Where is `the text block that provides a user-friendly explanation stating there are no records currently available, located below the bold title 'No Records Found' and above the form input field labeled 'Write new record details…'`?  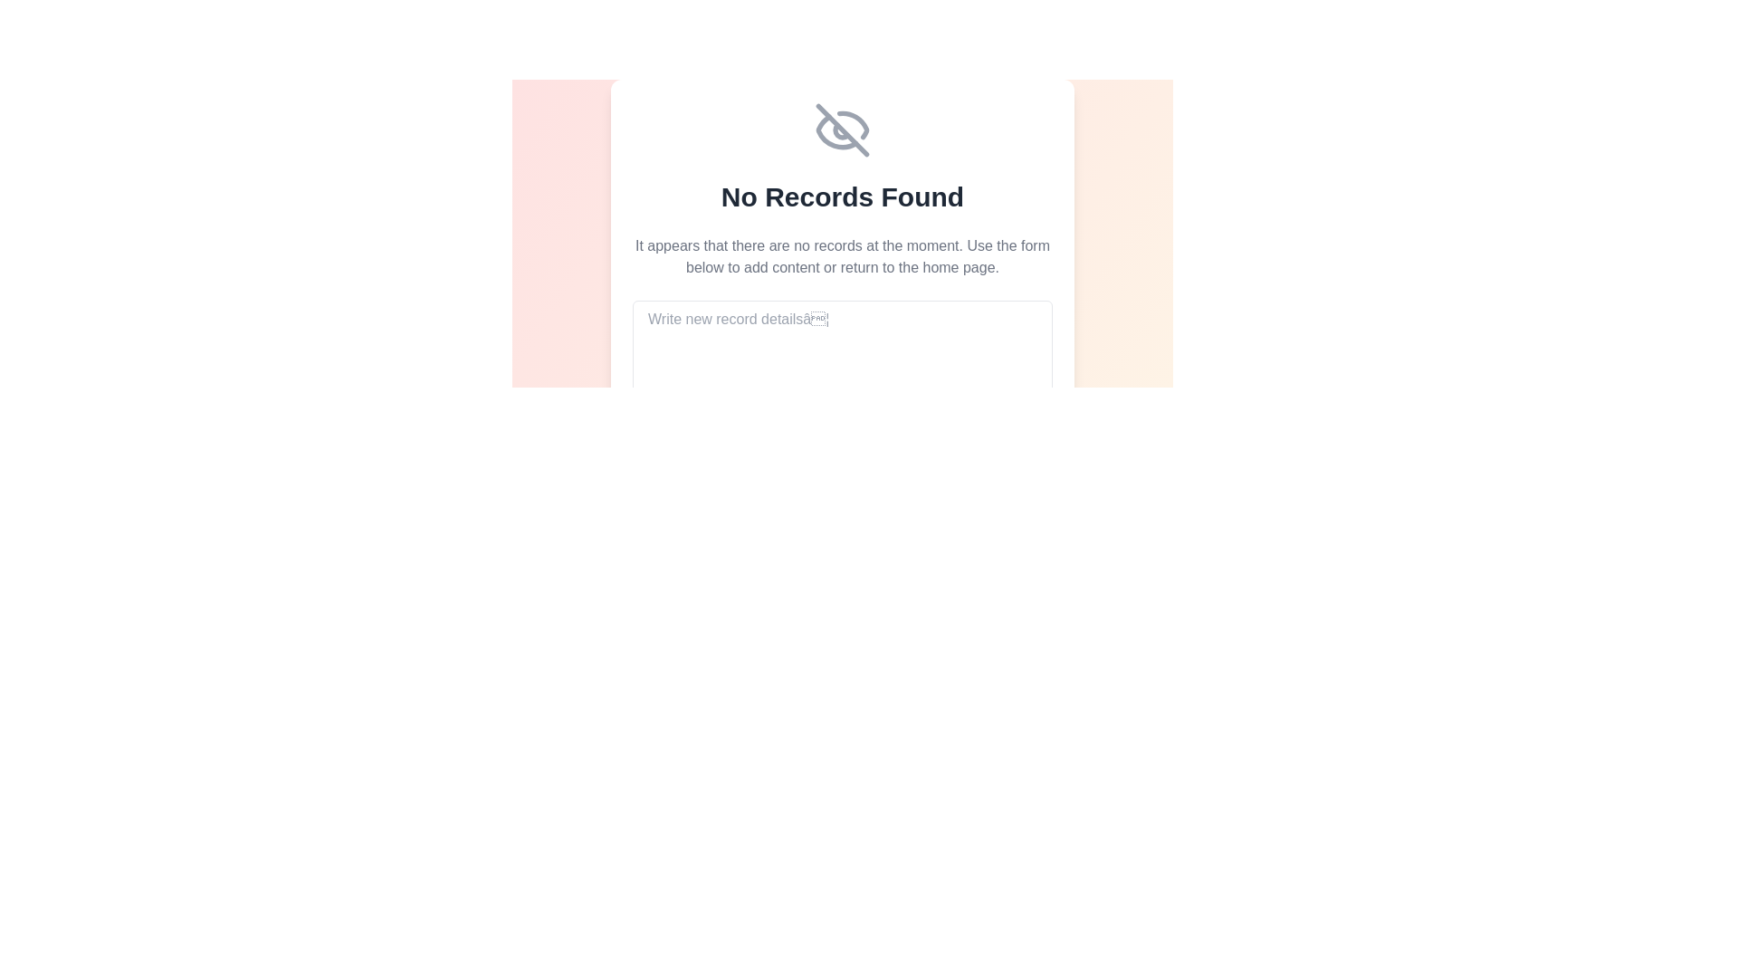
the text block that provides a user-friendly explanation stating there are no records currently available, located below the bold title 'No Records Found' and above the form input field labeled 'Write new record details…' is located at coordinates (842, 257).